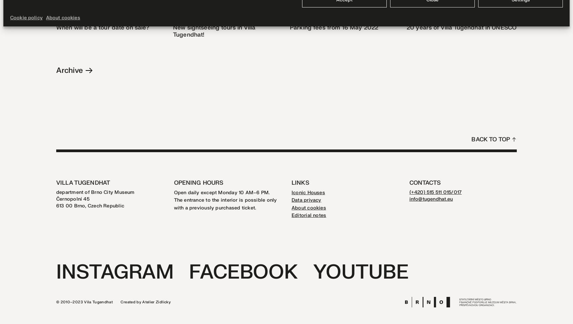  Describe the element at coordinates (291, 215) in the screenshot. I see `'Editorial notes'` at that location.